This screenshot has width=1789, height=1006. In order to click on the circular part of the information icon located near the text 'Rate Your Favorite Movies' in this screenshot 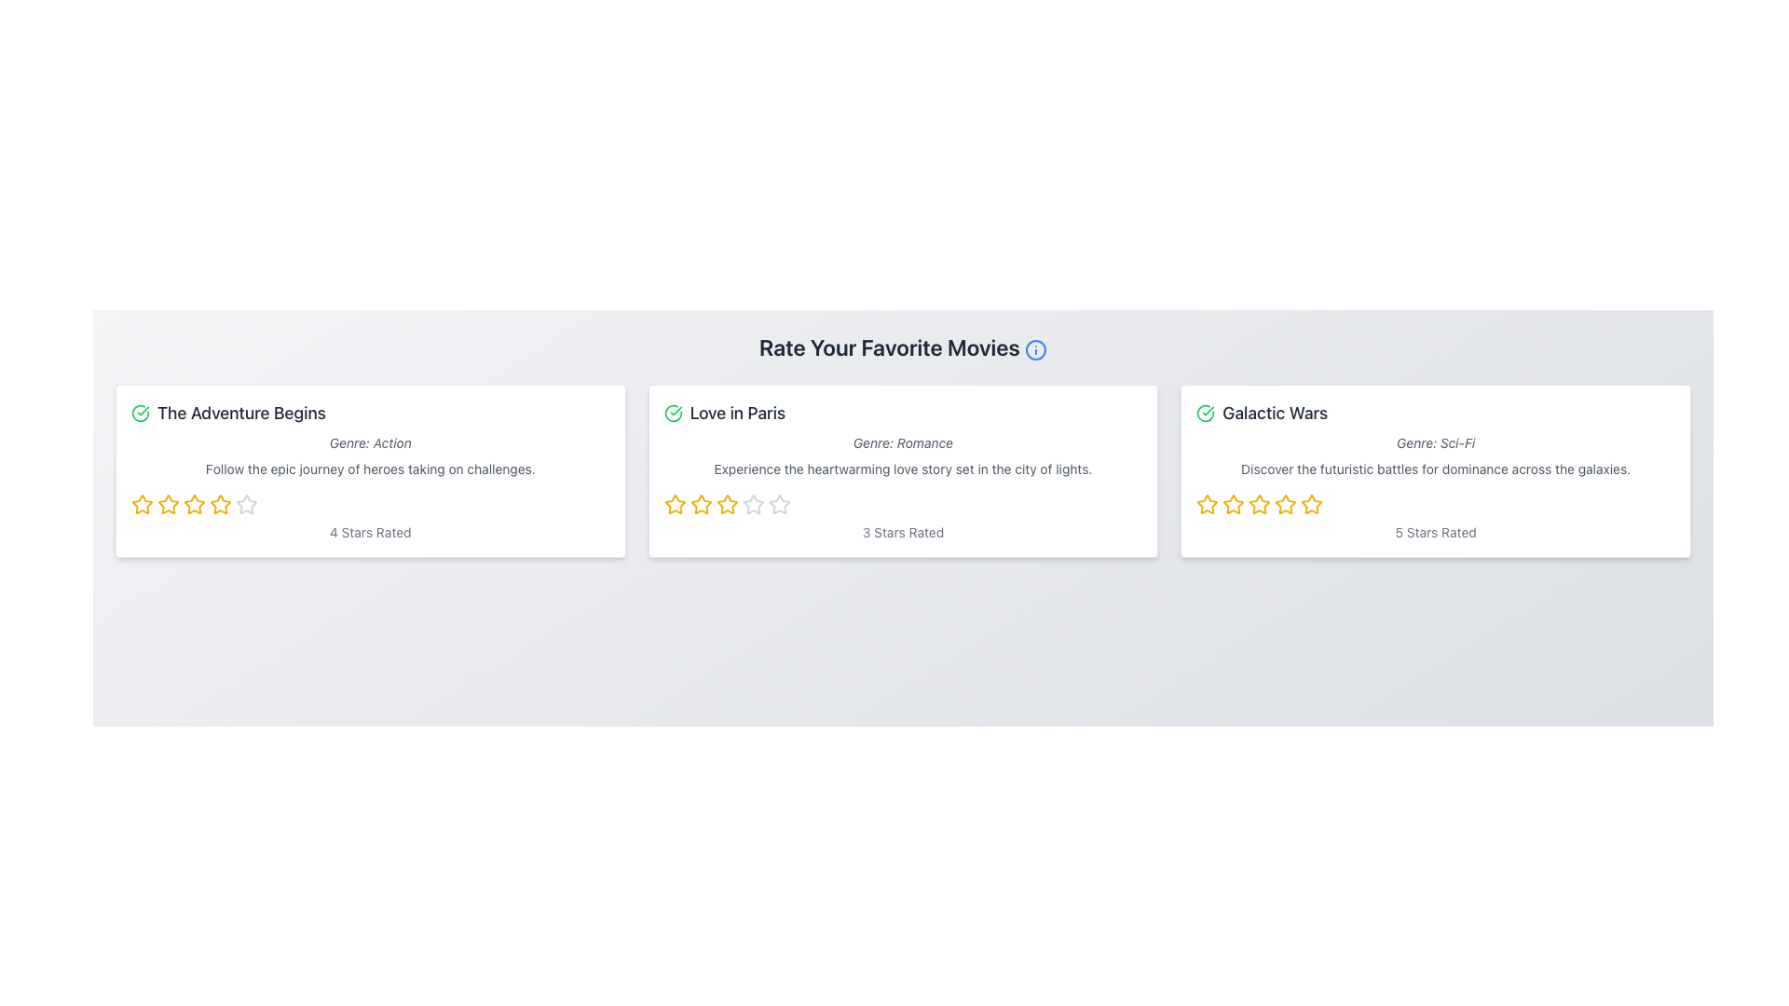, I will do `click(1034, 349)`.